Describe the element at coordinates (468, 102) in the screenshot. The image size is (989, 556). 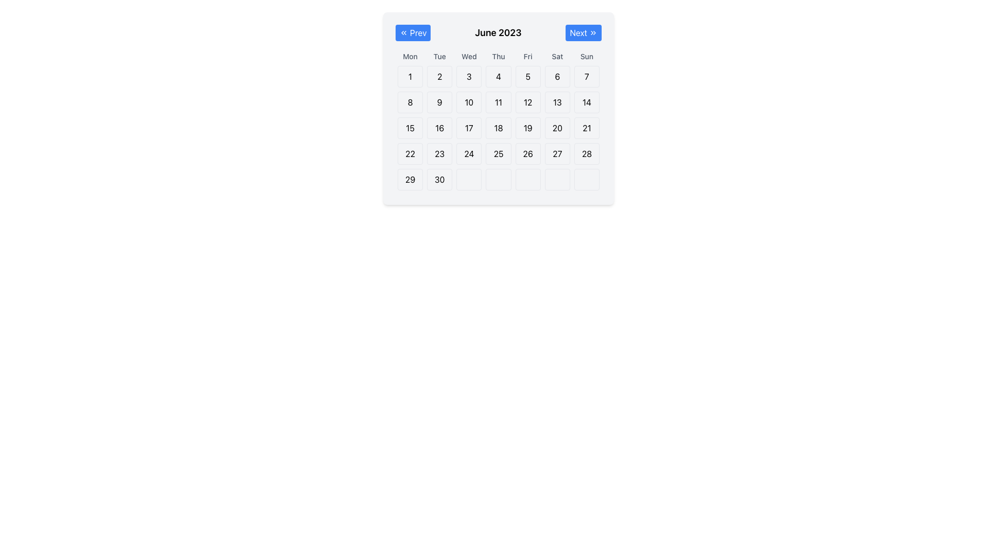
I see `the date selection button labeled '10', which is a small square with rounded corners, positioned in the second row of the calendar for June 2023` at that location.